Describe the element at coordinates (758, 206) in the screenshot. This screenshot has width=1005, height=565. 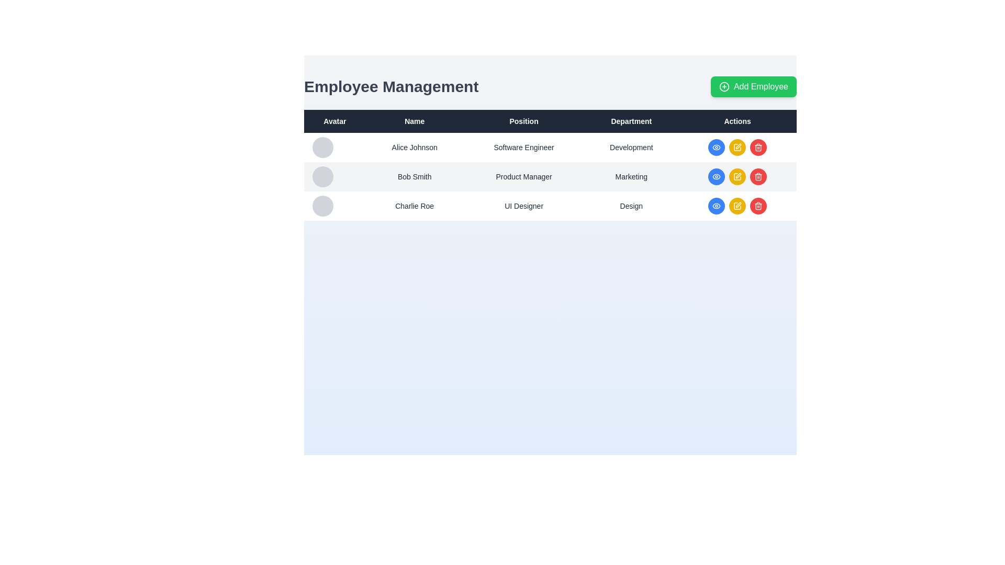
I see `the circular red button with a white trashcan icon to initiate a delete action` at that location.